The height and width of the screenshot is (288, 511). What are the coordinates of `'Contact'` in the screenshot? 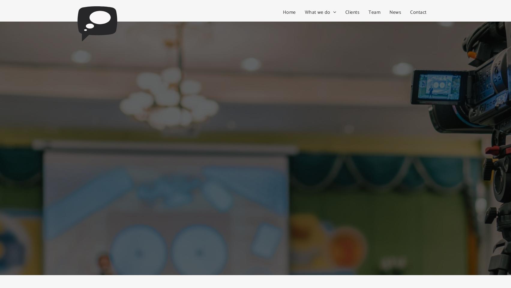 It's located at (410, 12).